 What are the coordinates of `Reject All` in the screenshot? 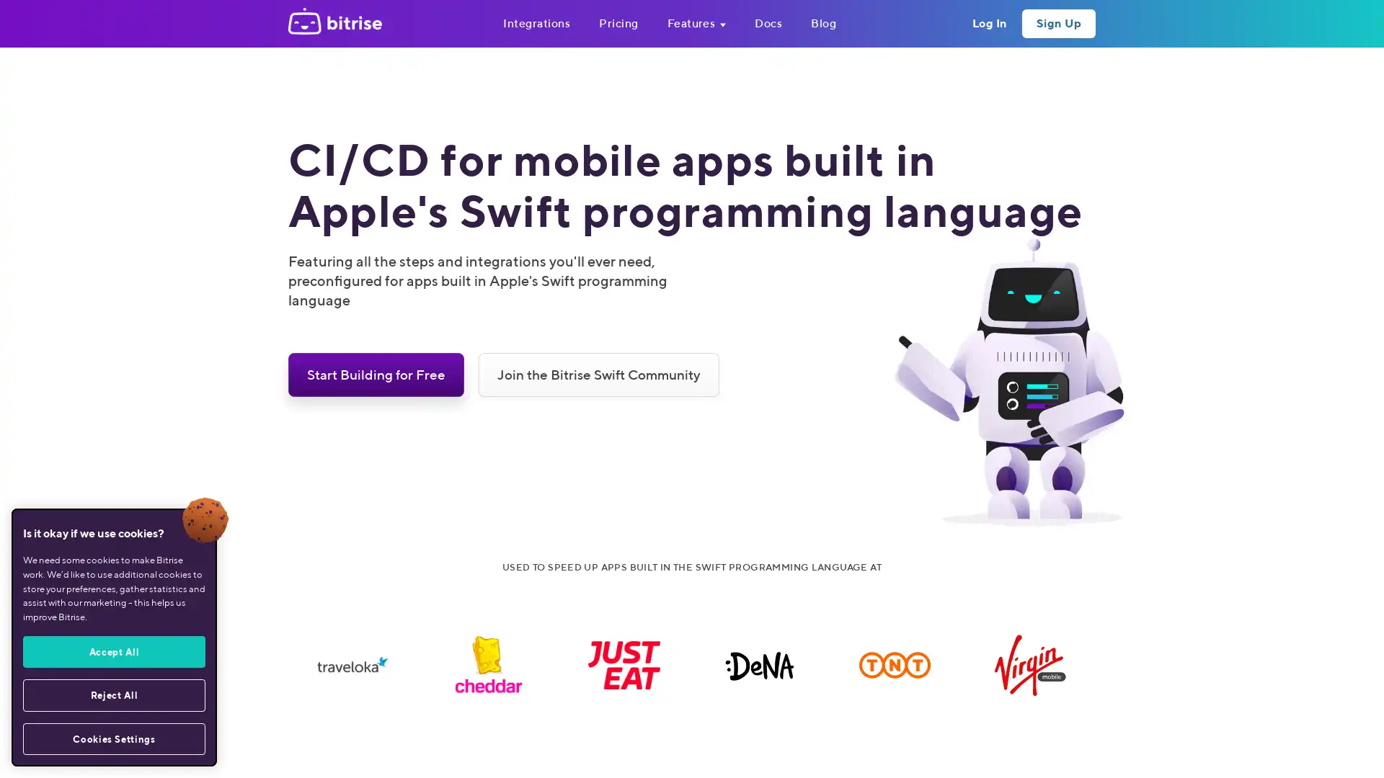 It's located at (113, 694).